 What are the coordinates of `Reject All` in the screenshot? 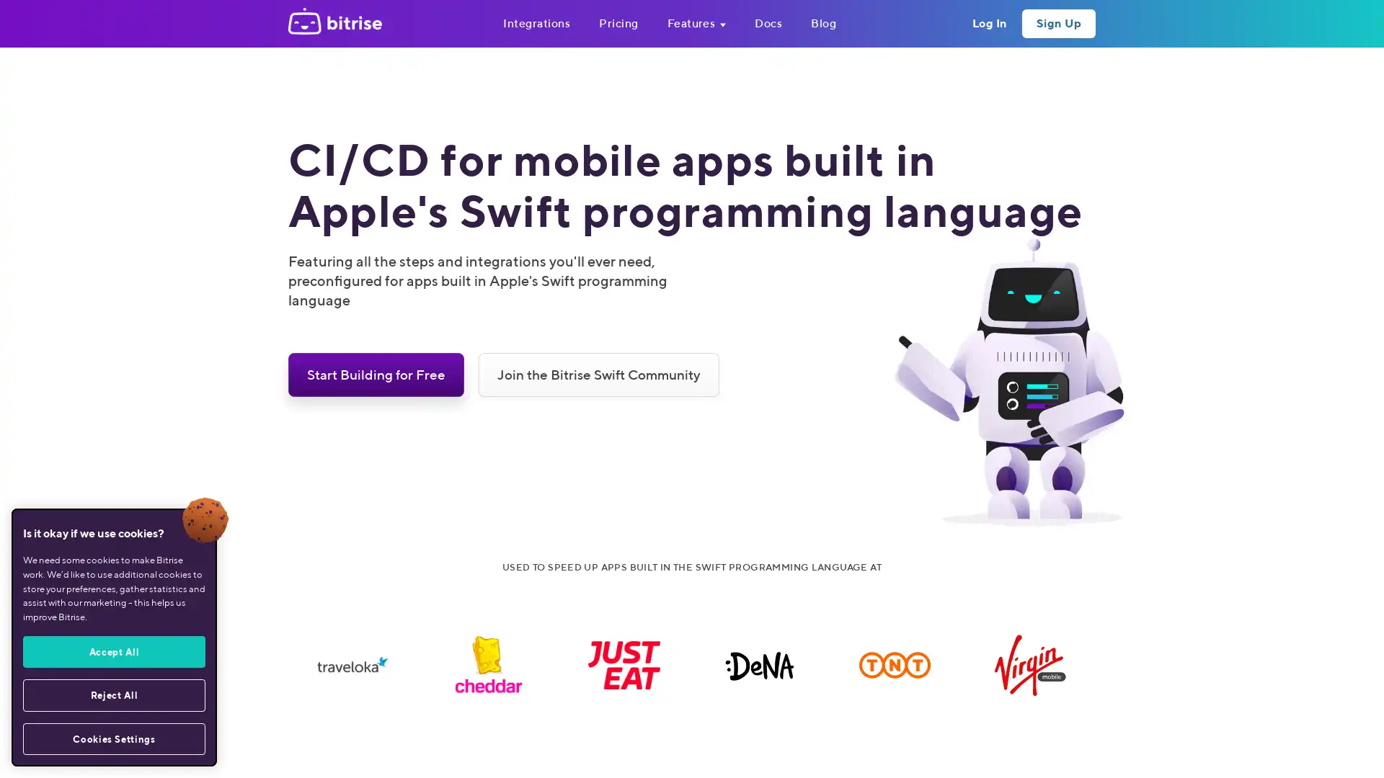 It's located at (113, 694).